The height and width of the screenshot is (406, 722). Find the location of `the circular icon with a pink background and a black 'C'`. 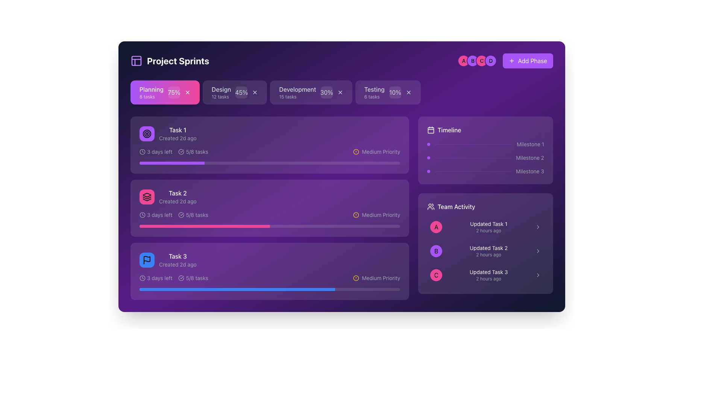

the circular icon with a pink background and a black 'C' is located at coordinates (436, 275).